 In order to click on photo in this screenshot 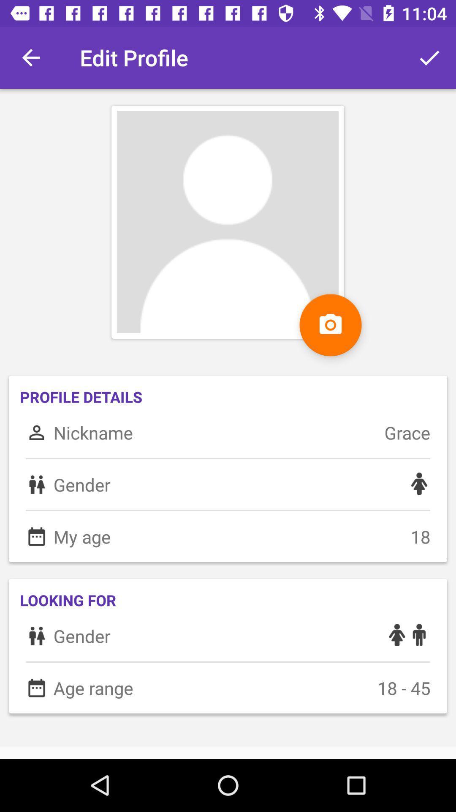, I will do `click(330, 324)`.